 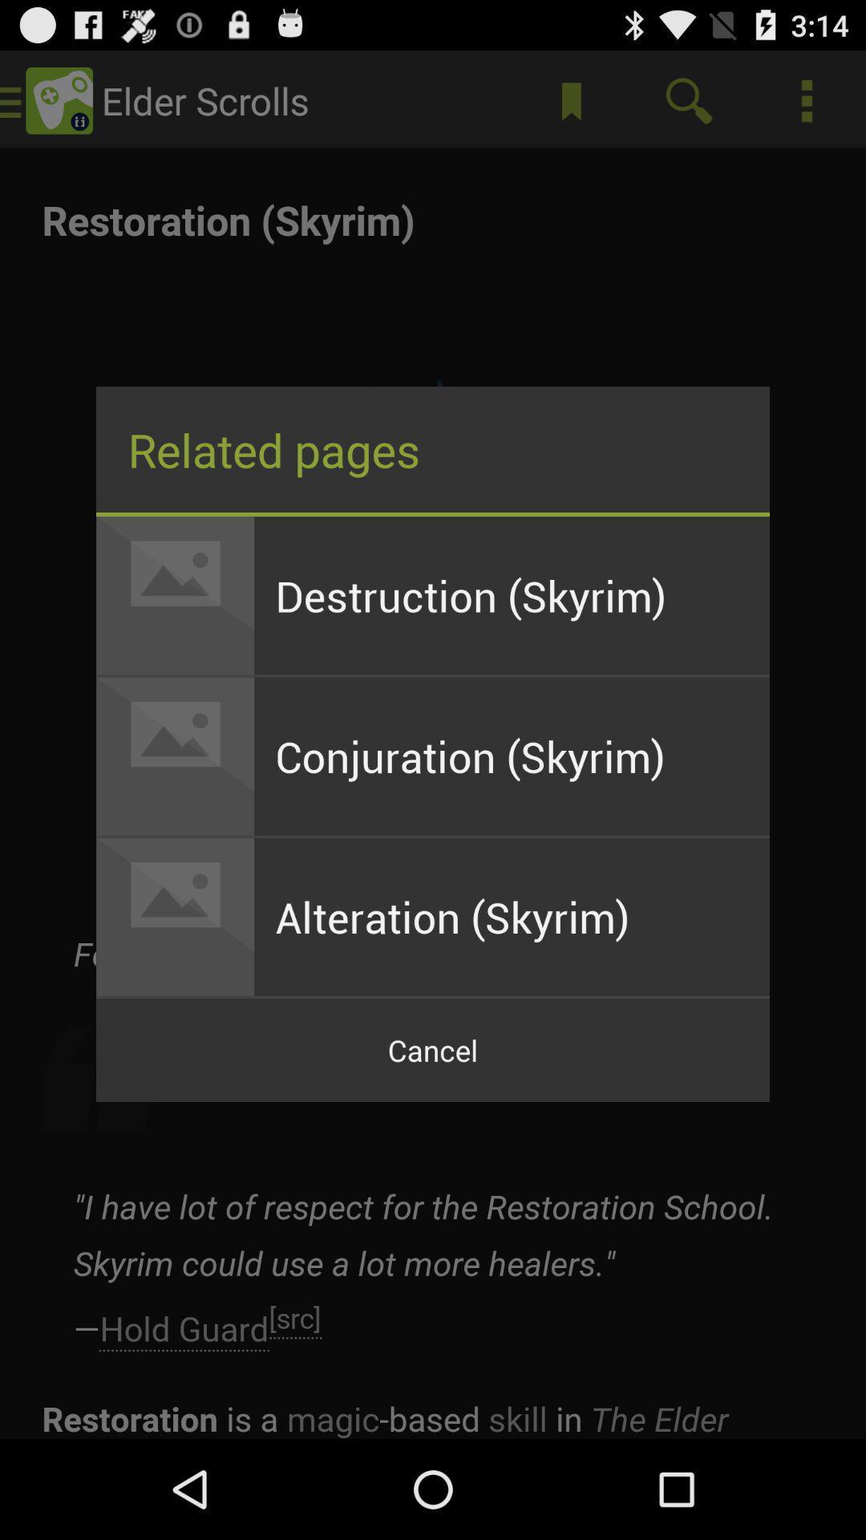 I want to click on the destruction (skyrim) icon, so click(x=512, y=594).